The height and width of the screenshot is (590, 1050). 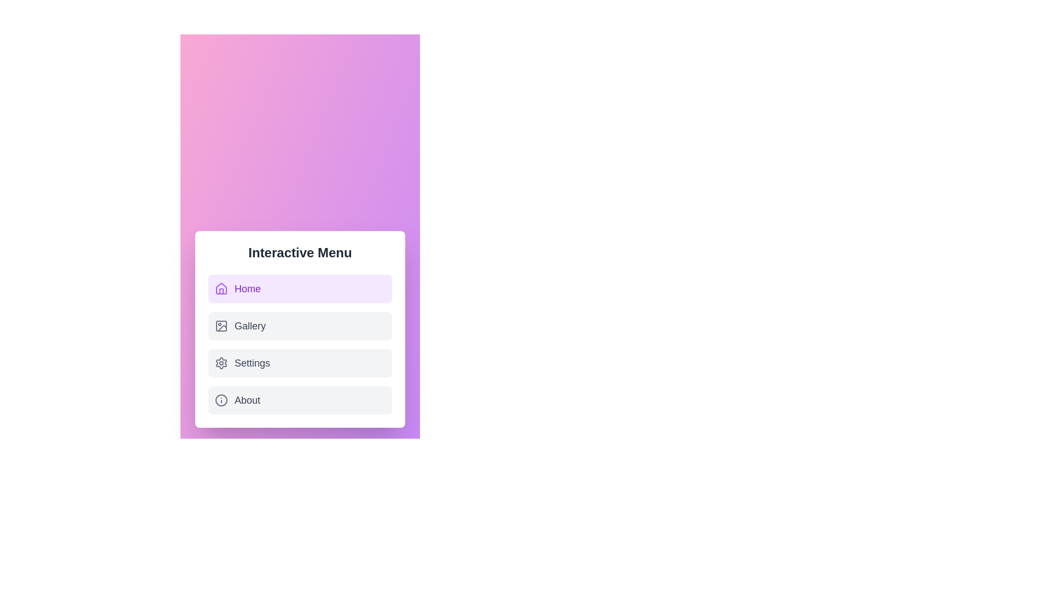 What do you see at coordinates (220, 288) in the screenshot?
I see `the icon next to the tab label Home` at bounding box center [220, 288].